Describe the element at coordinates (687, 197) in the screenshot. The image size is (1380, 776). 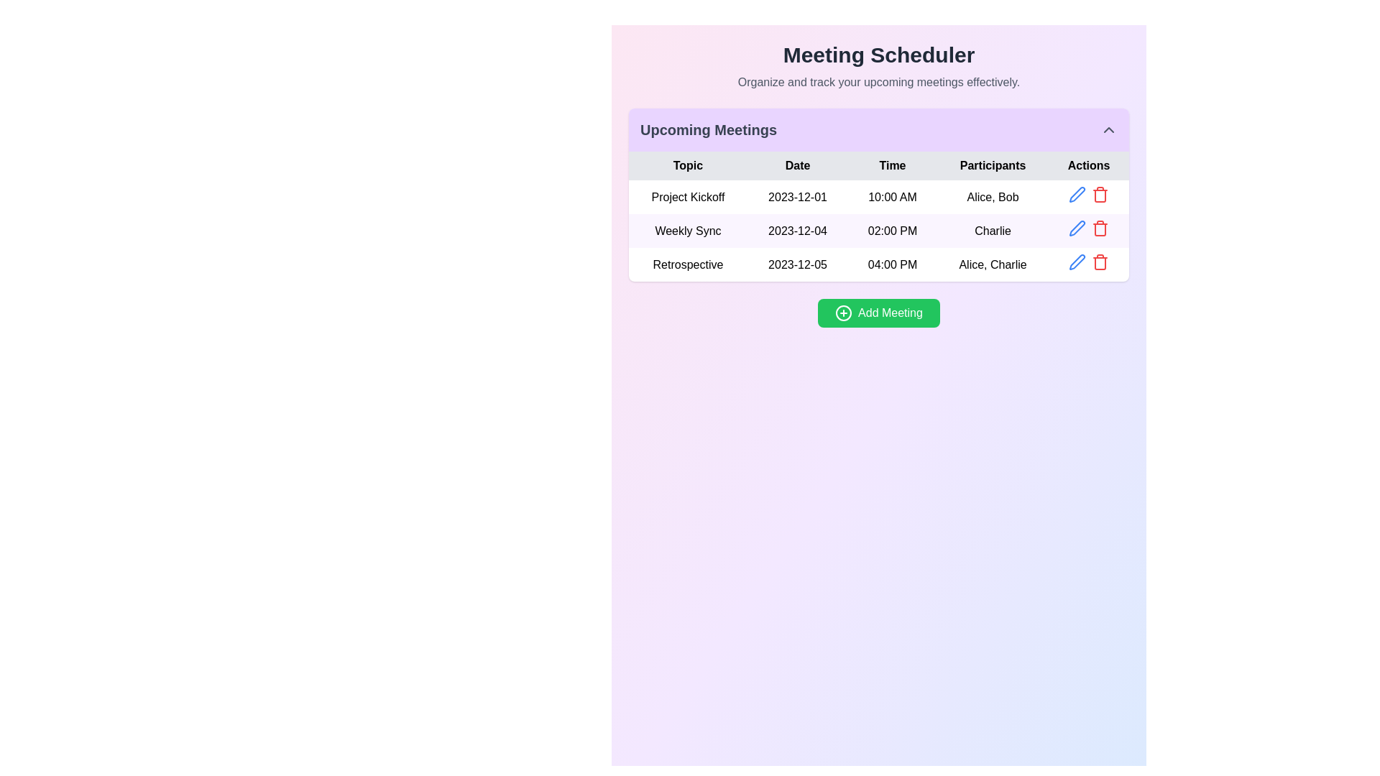
I see `the static text element that identifies the meeting topic 'Project Kickoff' in the 'Topic' column of the 'Upcoming Meetings' tabular layout` at that location.